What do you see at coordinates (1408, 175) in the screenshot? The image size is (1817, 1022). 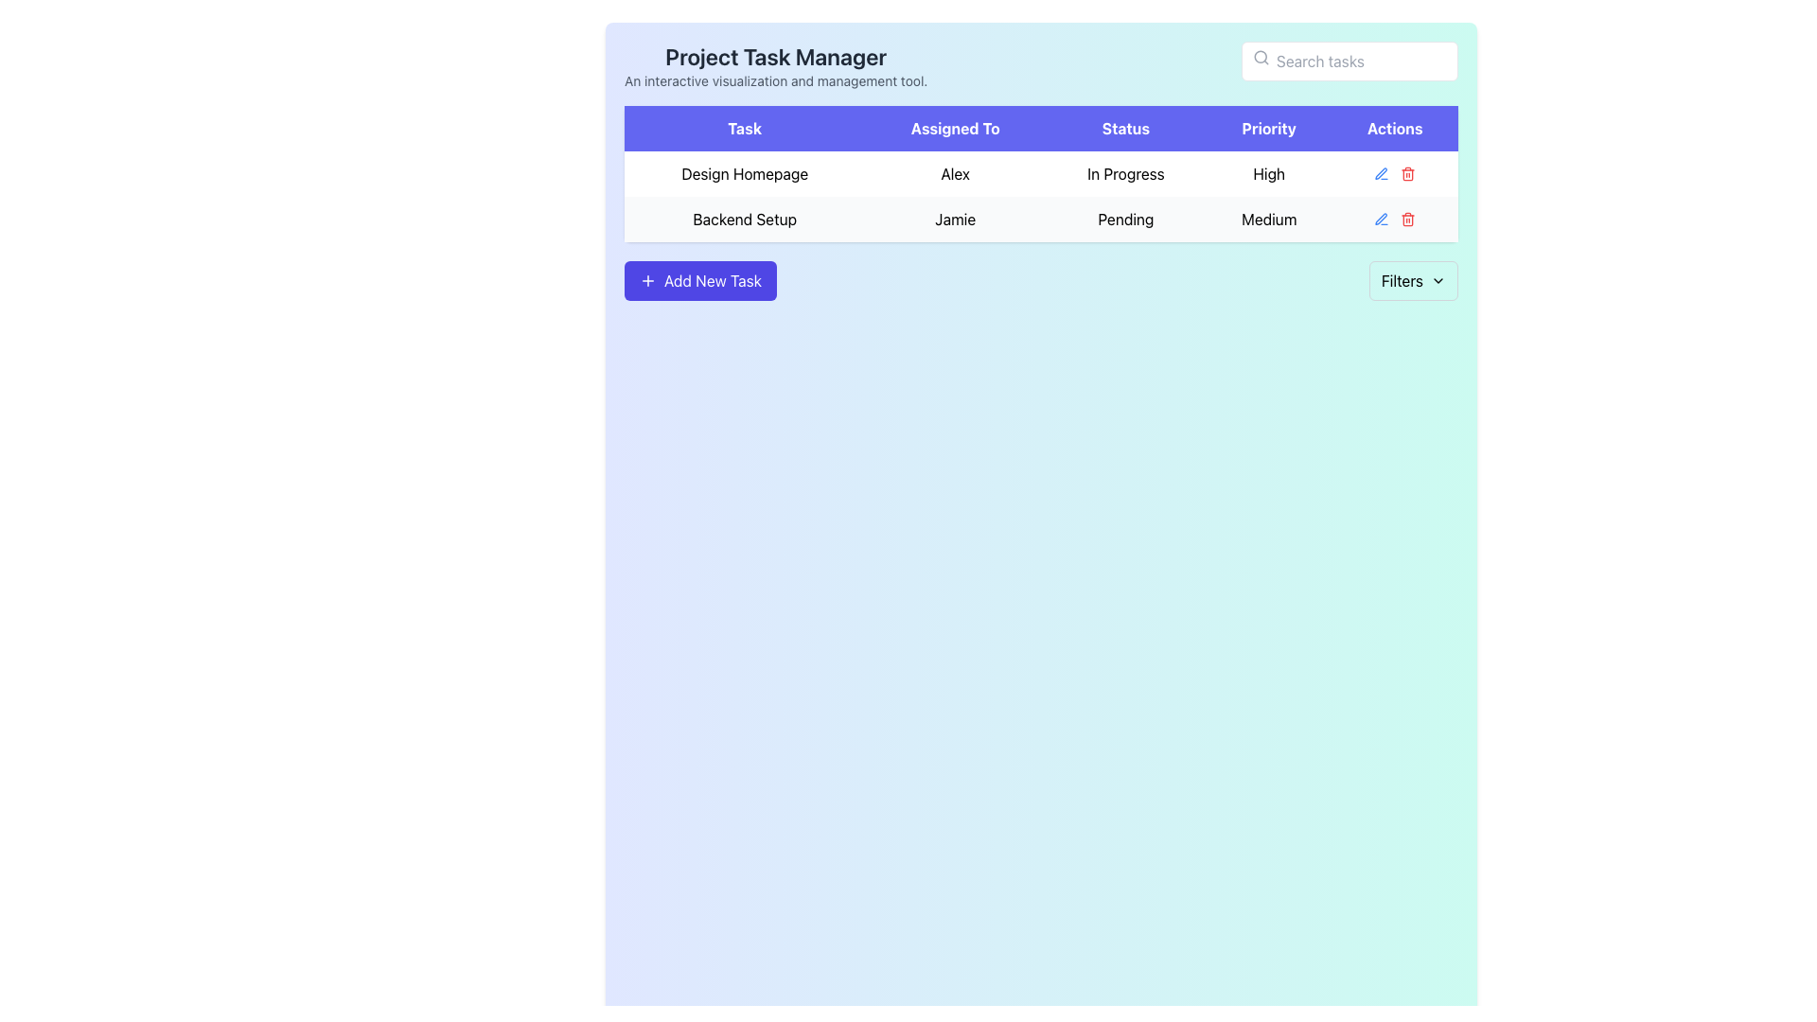 I see `the graphical part of the delete icon located in the second row of the 'Actions' column of the table` at bounding box center [1408, 175].